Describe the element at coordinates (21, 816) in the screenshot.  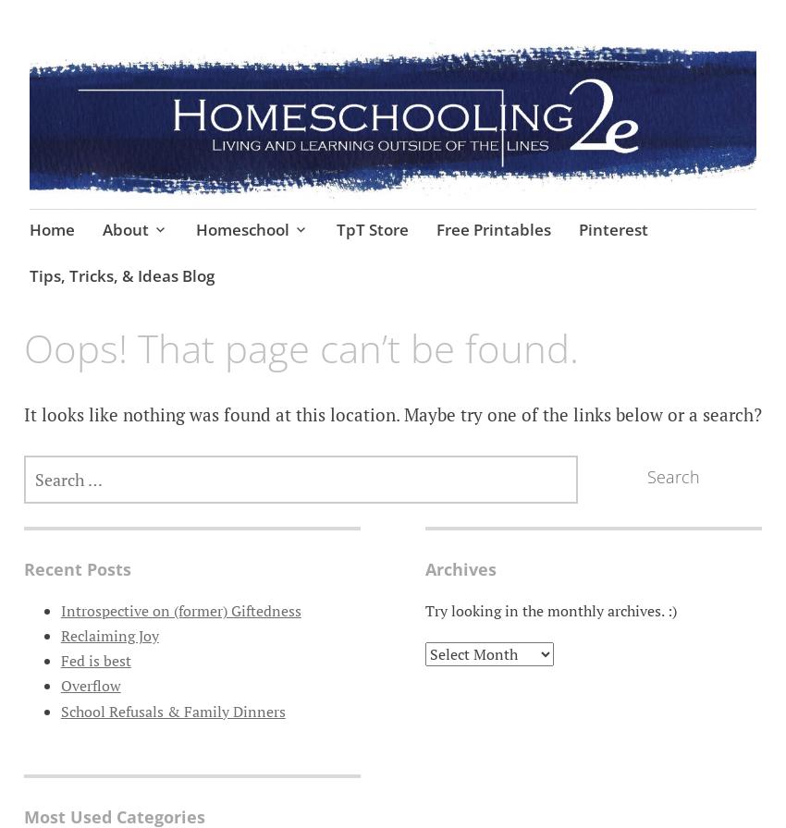
I see `'Most Used Categories'` at that location.